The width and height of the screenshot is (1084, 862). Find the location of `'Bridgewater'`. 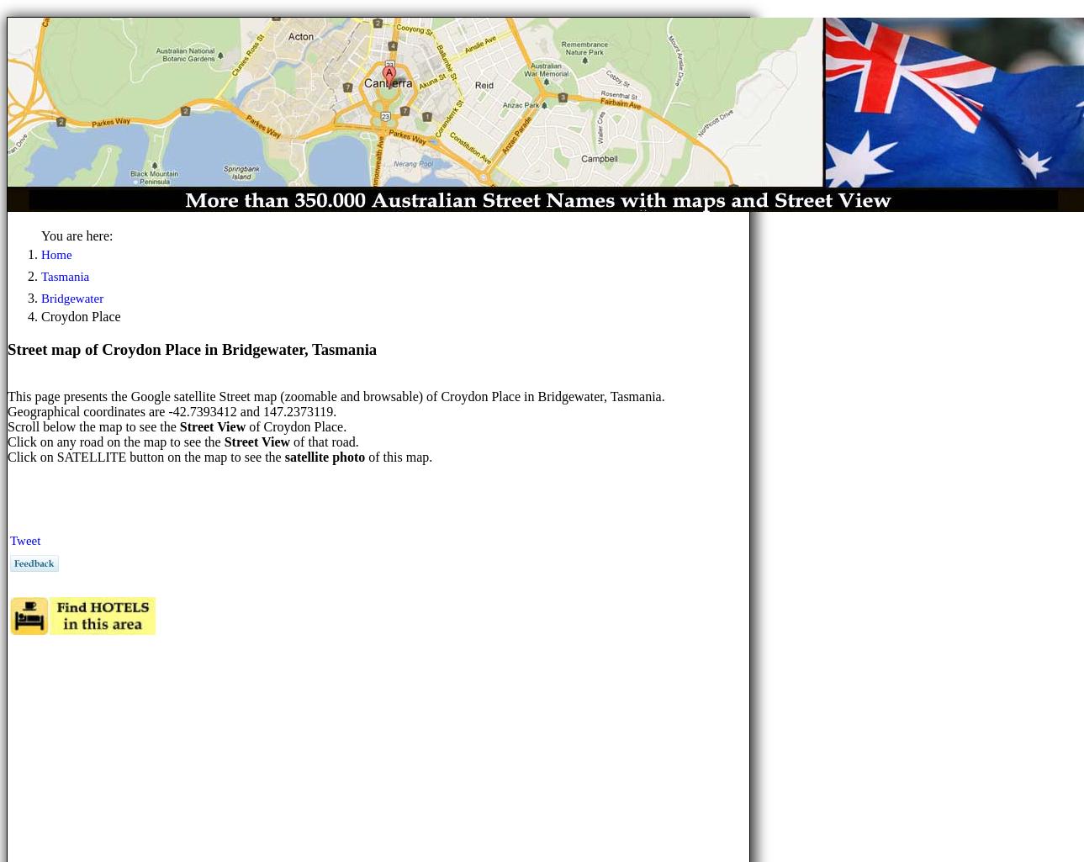

'Bridgewater' is located at coordinates (71, 297).